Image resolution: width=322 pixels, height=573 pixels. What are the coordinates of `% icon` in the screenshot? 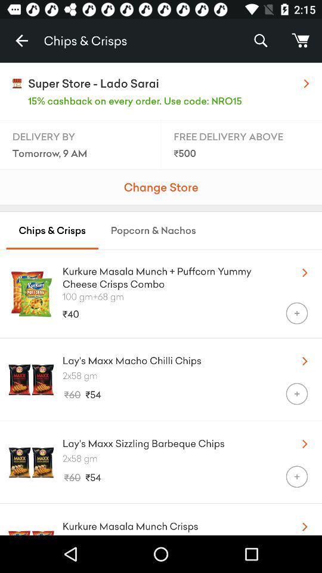 It's located at (260, 41).